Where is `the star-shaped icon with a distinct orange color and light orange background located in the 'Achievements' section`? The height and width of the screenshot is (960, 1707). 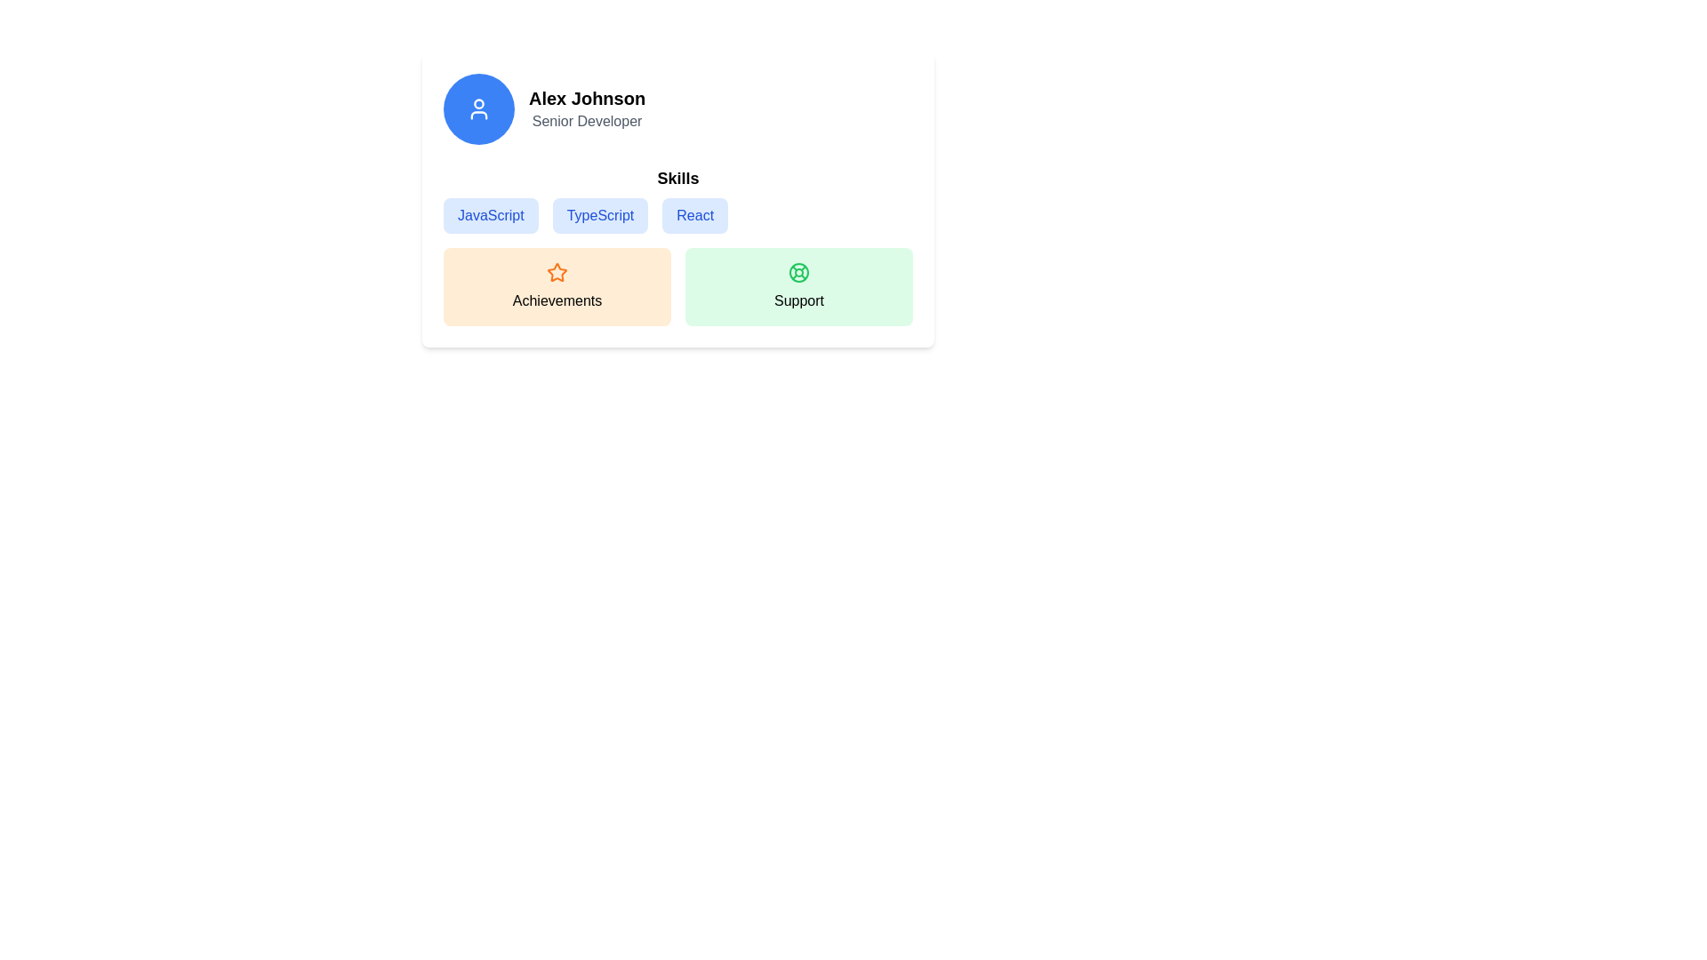
the star-shaped icon with a distinct orange color and light orange background located in the 'Achievements' section is located at coordinates (557, 273).